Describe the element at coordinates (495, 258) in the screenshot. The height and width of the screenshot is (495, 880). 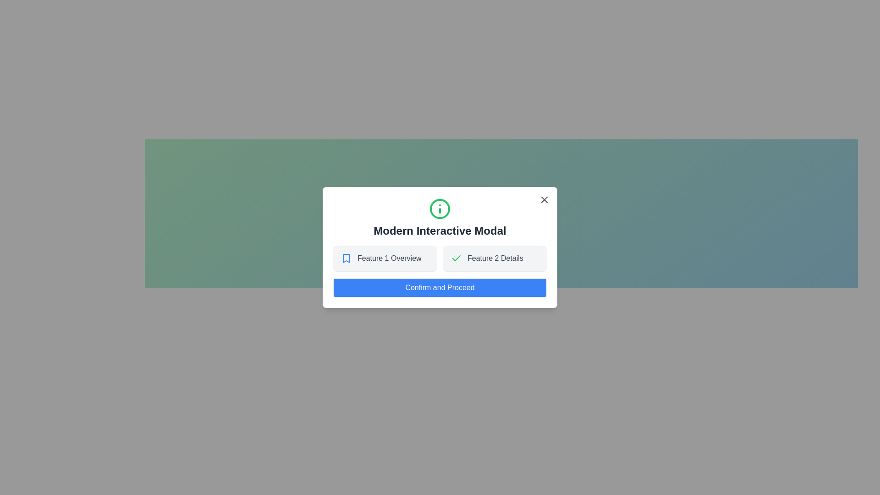
I see `the 'Feature 2 Details' text label located in the modal interface, which serves as an identifier for the corresponding section and is positioned to the right of an icon` at that location.